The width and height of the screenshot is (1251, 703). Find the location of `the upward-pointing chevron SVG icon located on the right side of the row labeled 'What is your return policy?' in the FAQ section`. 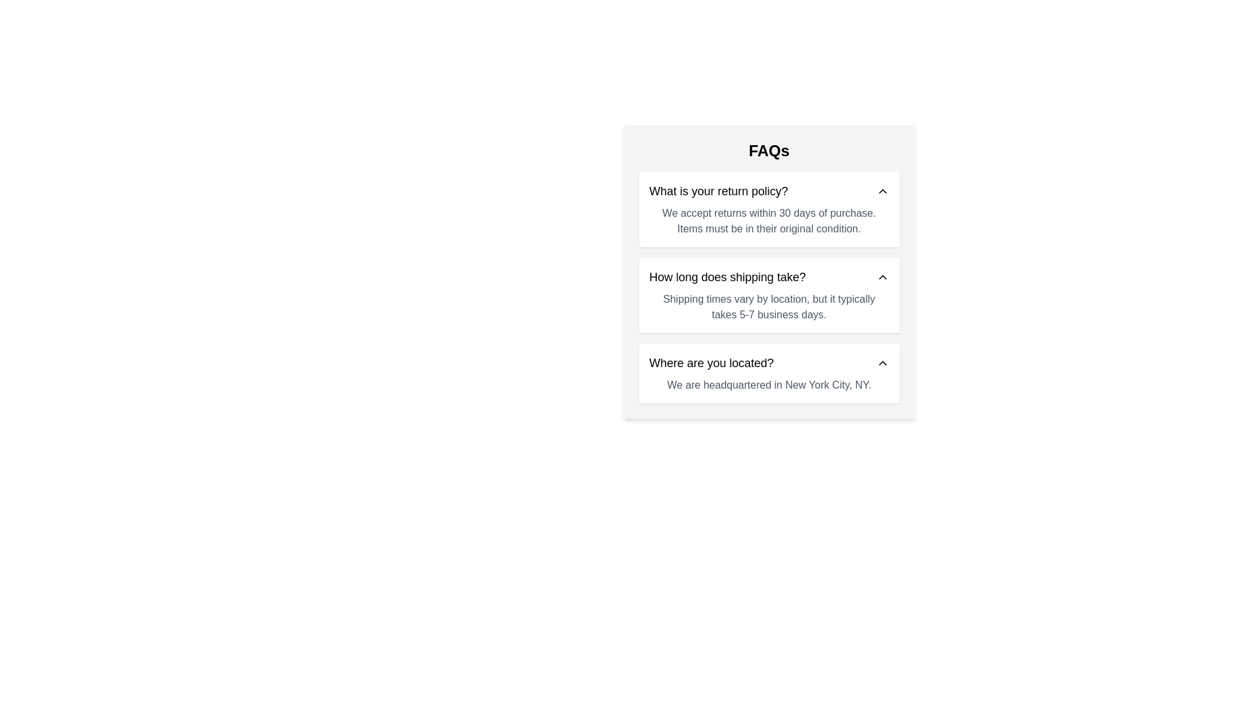

the upward-pointing chevron SVG icon located on the right side of the row labeled 'What is your return policy?' in the FAQ section is located at coordinates (882, 191).